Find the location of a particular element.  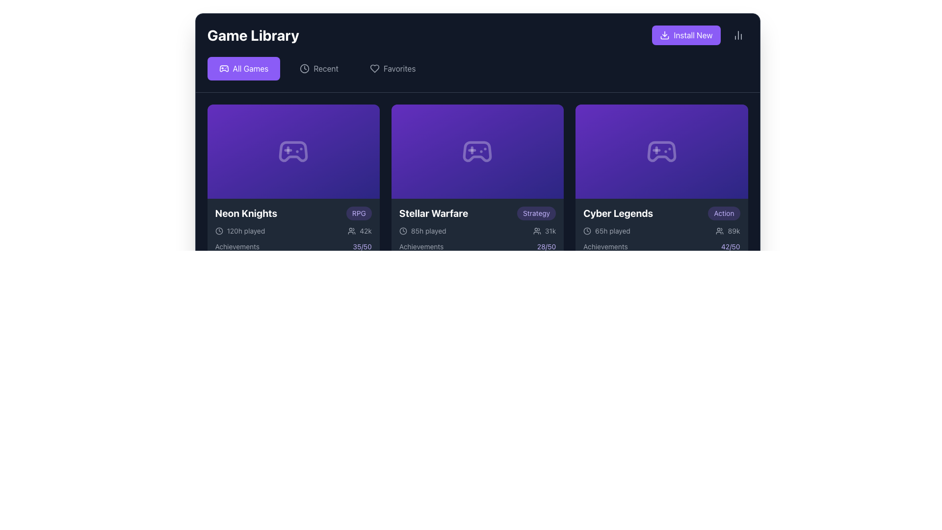

the 'Recent' button, which is visually represented by the clock icon located to the left of the text 'Recent' in the top navigation bar is located at coordinates (304, 68).